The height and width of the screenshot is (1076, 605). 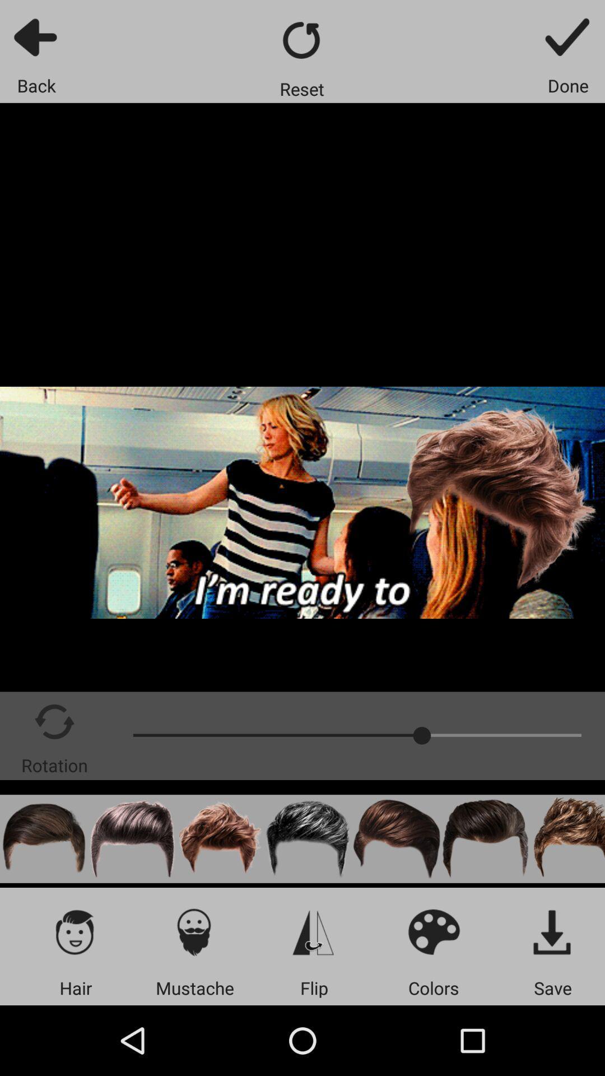 What do you see at coordinates (552, 931) in the screenshot?
I see `the file_download icon` at bounding box center [552, 931].